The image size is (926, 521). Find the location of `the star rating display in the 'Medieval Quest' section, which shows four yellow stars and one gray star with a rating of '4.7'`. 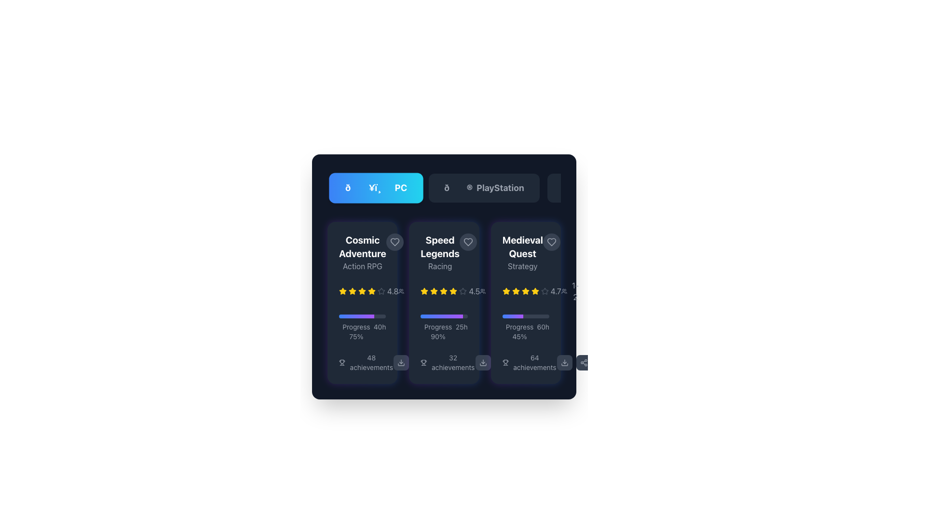

the star rating display in the 'Medieval Quest' section, which shows four yellow stars and one gray star with a rating of '4.7' is located at coordinates (525, 291).